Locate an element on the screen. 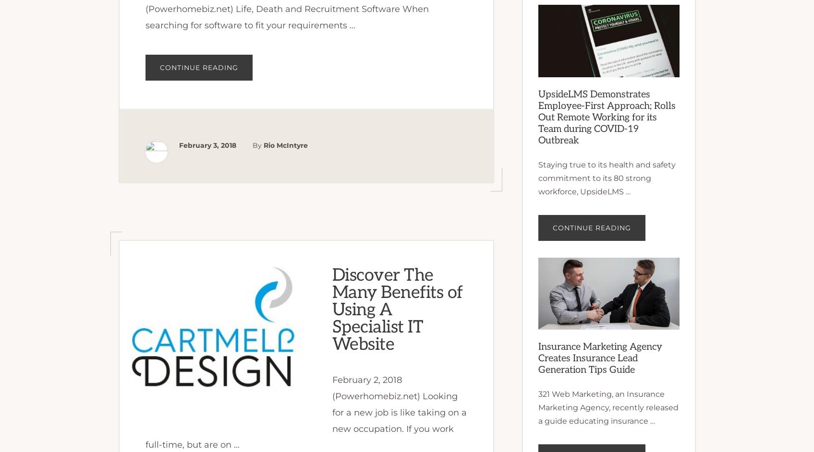 The width and height of the screenshot is (814, 452). 'Finance News' is located at coordinates (418, 26).